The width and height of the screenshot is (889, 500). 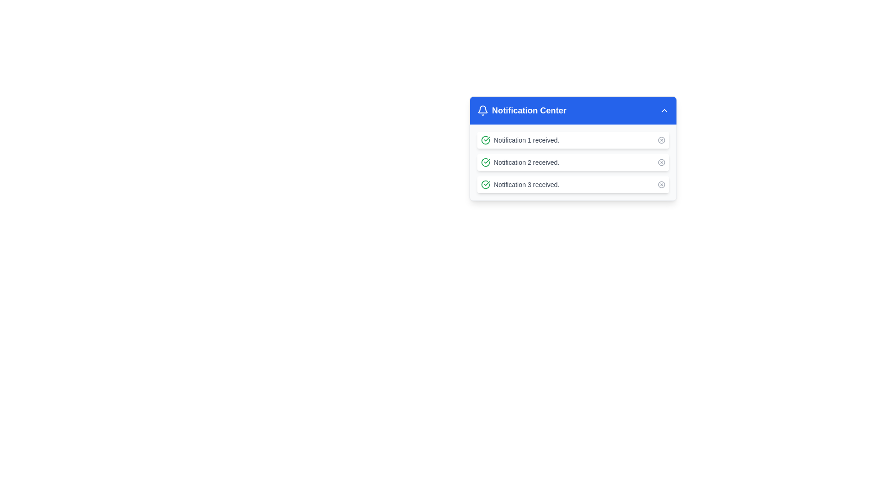 What do you see at coordinates (485, 184) in the screenshot?
I see `the success acknowledgment icon located to the left of the notification text 'Notification 3 received.' in the notification list` at bounding box center [485, 184].